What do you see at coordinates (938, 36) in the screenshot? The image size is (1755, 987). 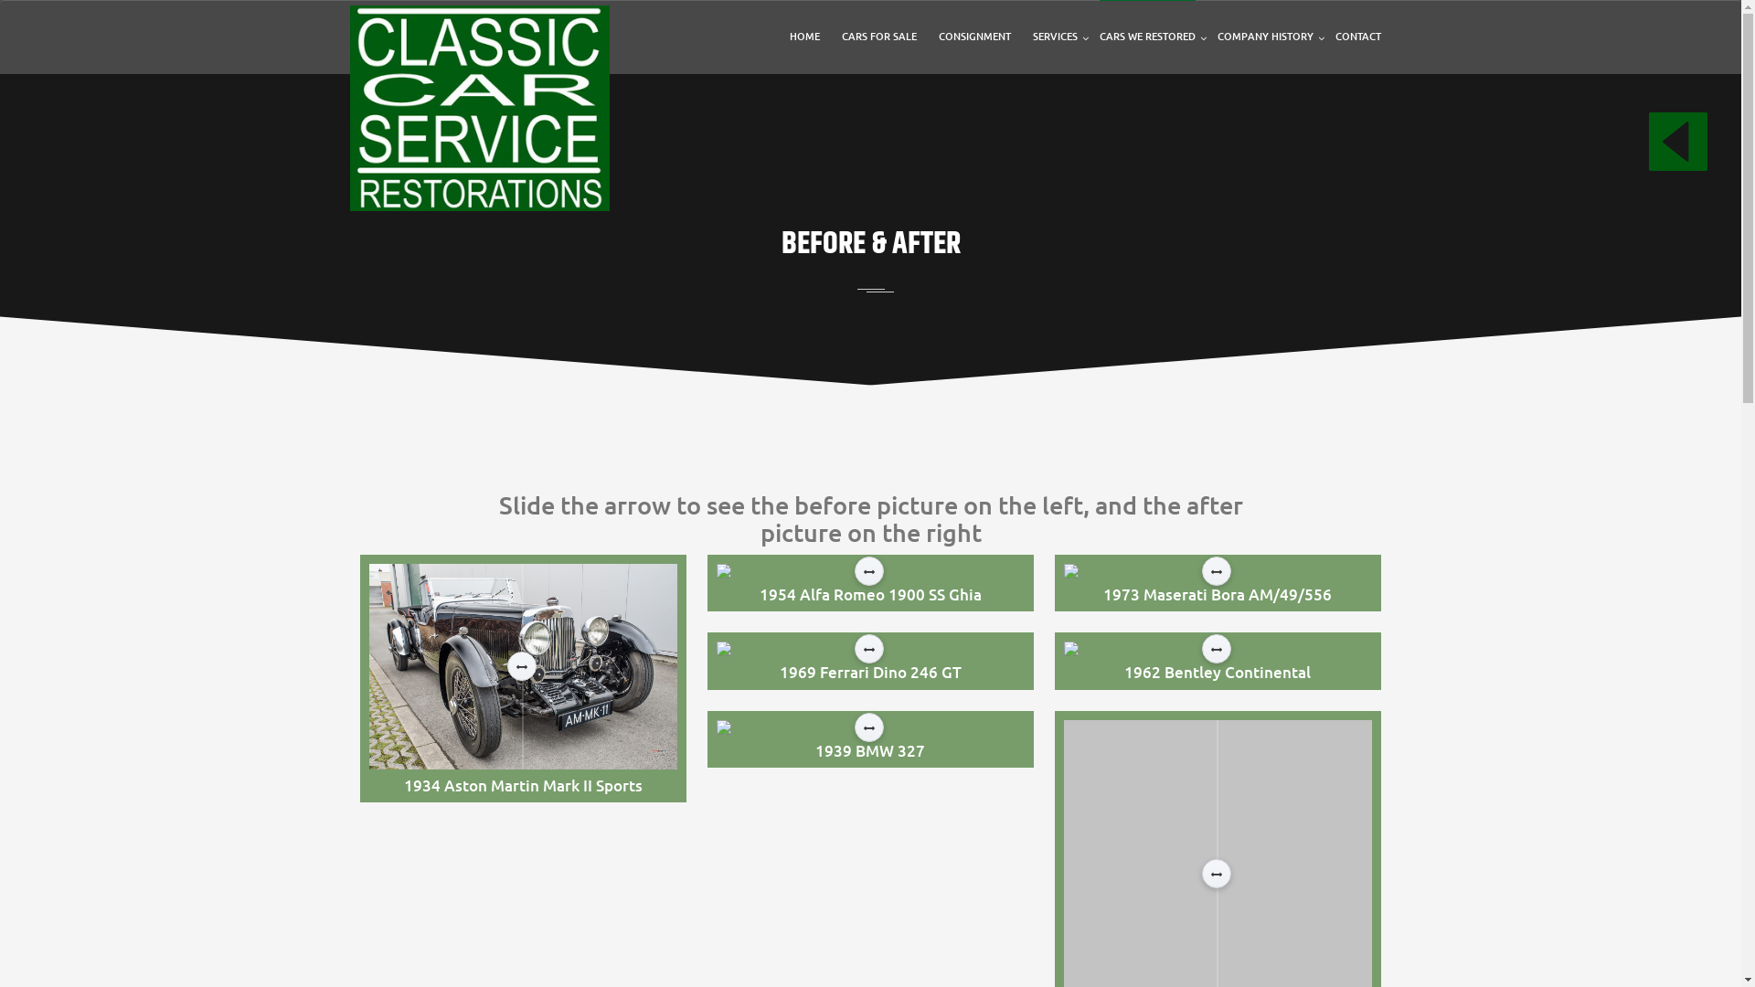 I see `'CONSIGNMENT'` at bounding box center [938, 36].